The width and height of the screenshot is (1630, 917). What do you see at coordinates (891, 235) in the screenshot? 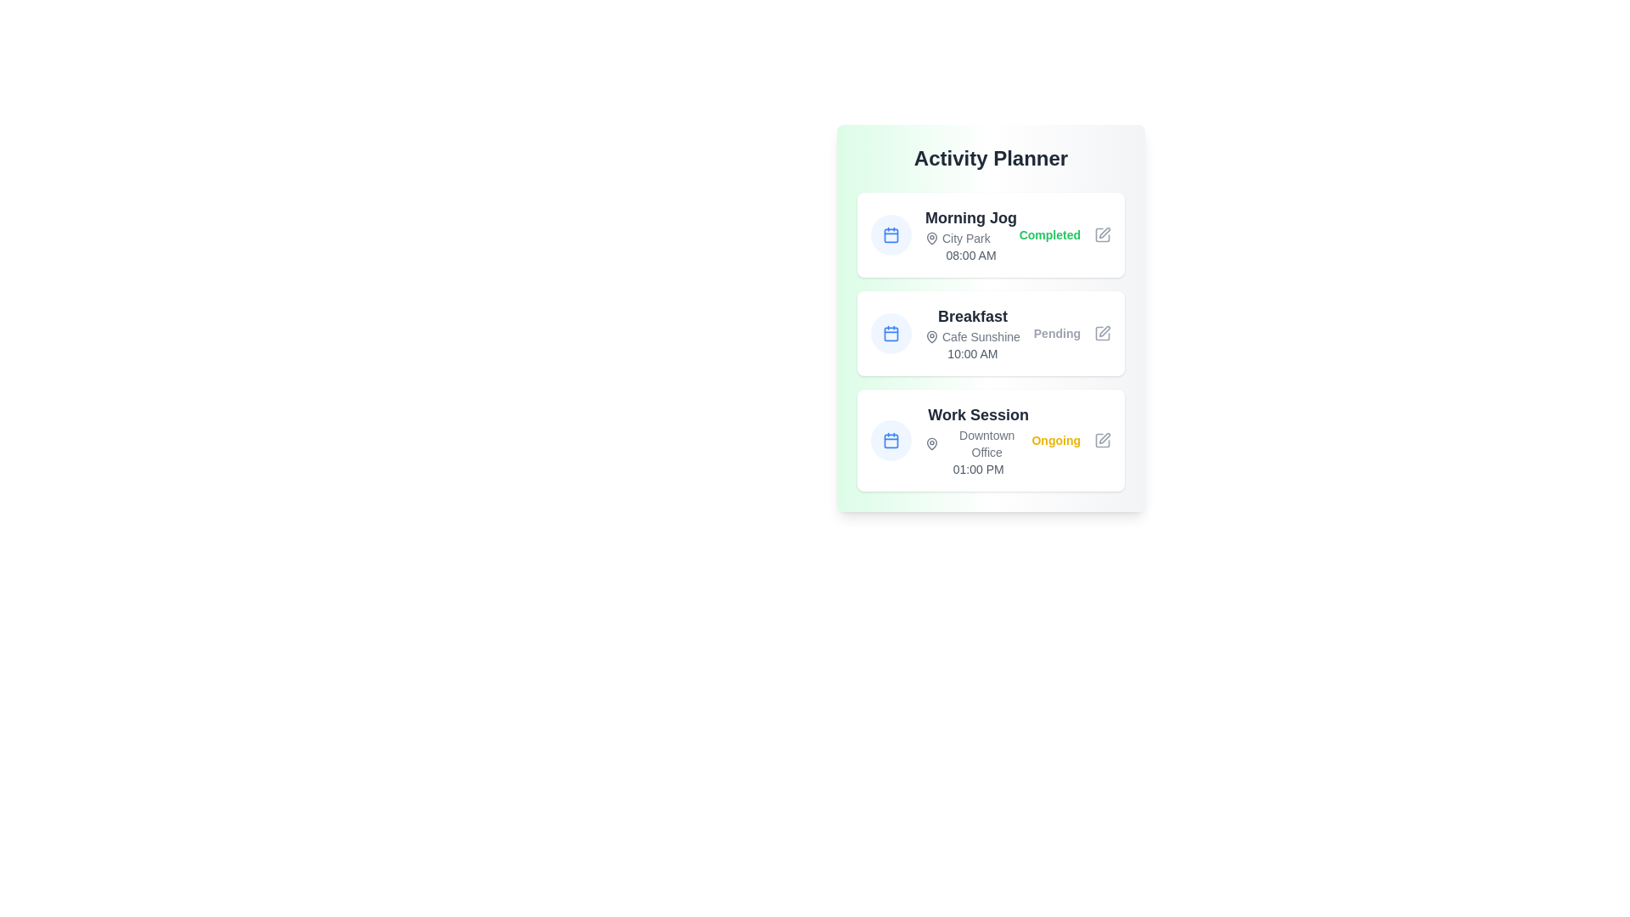
I see `the calendar icon, which is the first icon in the 'Activity Planner' list, located to the left of the text 'Morning Jog'` at bounding box center [891, 235].